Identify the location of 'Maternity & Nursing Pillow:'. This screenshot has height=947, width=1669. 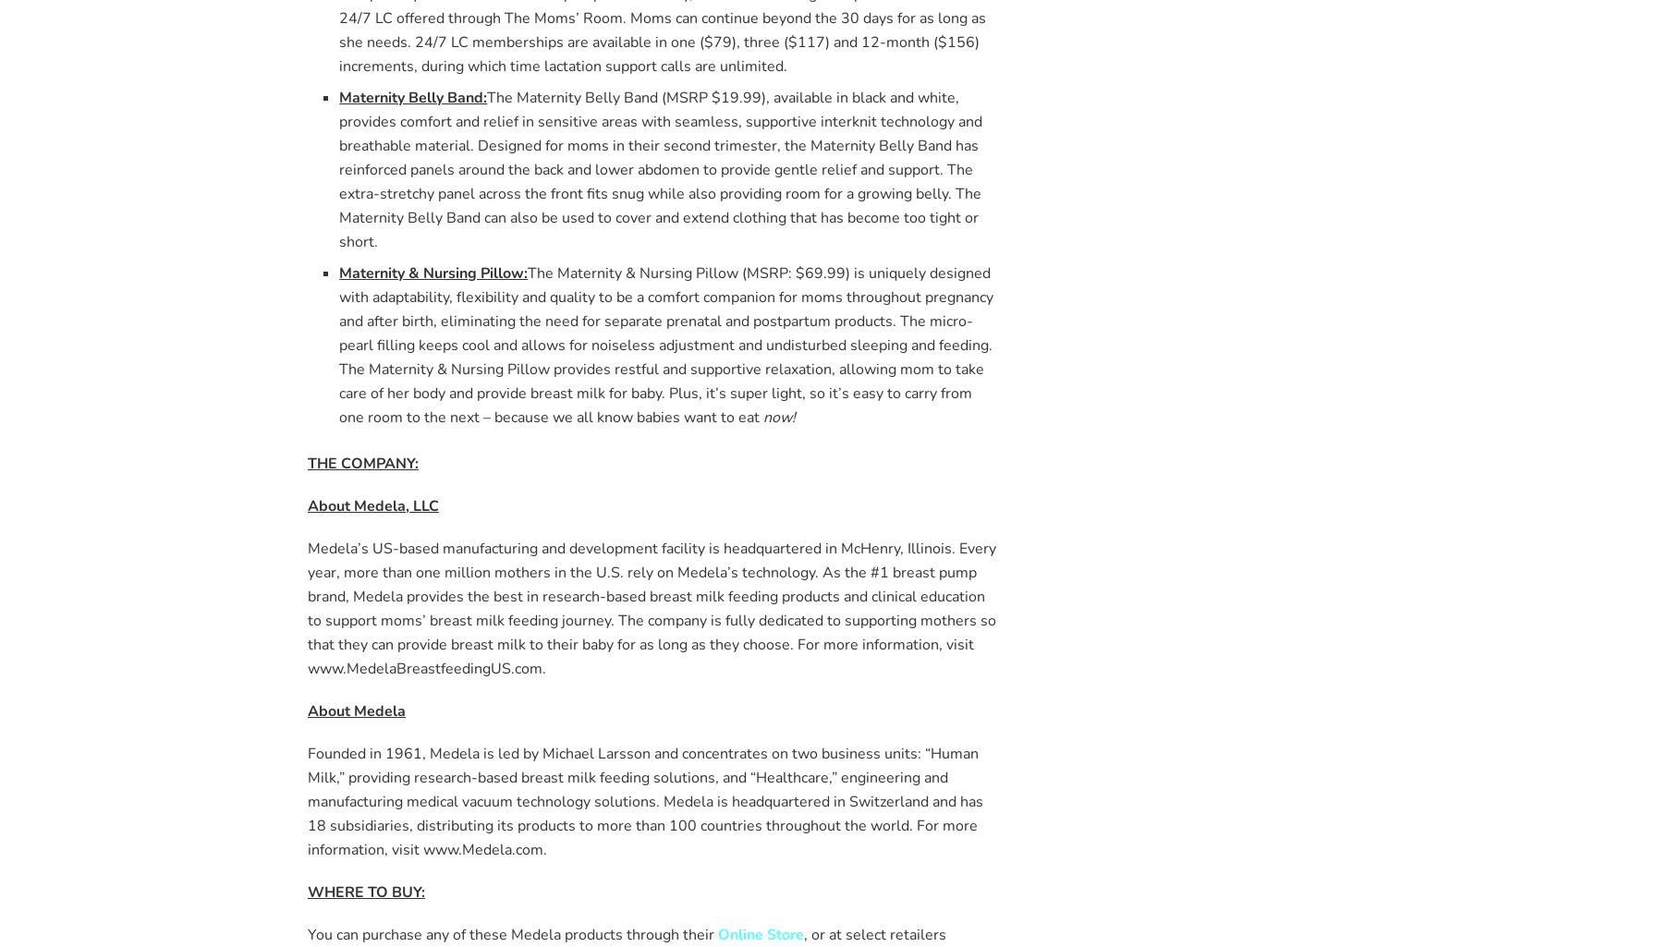
(433, 272).